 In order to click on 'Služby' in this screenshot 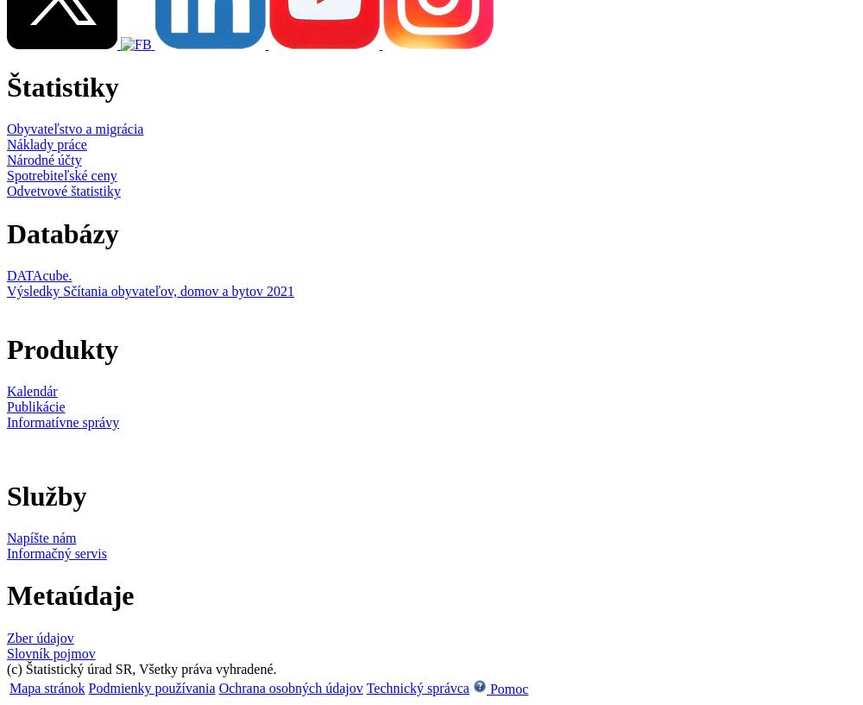, I will do `click(47, 495)`.